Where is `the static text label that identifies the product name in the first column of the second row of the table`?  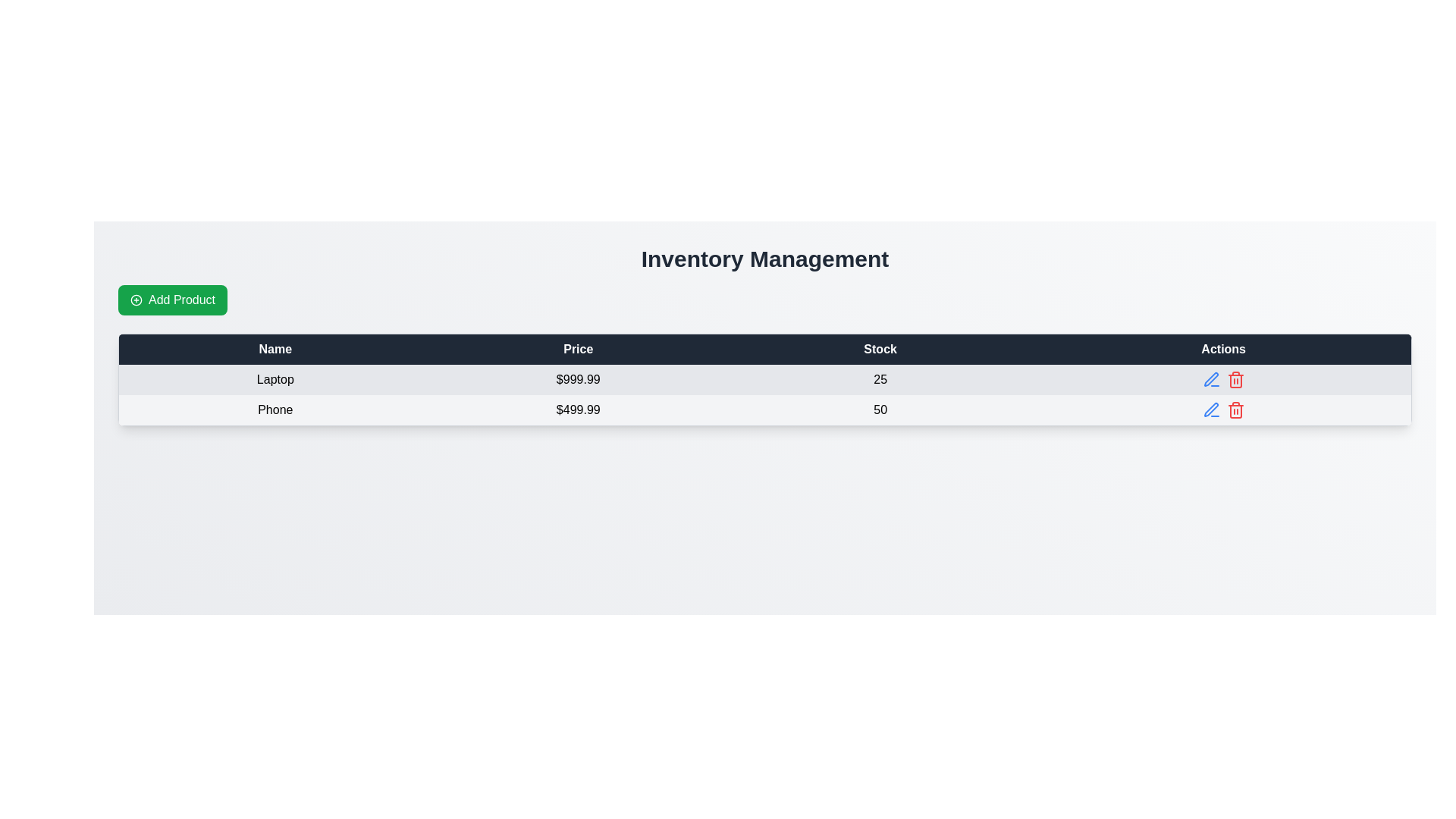 the static text label that identifies the product name in the first column of the second row of the table is located at coordinates (275, 410).